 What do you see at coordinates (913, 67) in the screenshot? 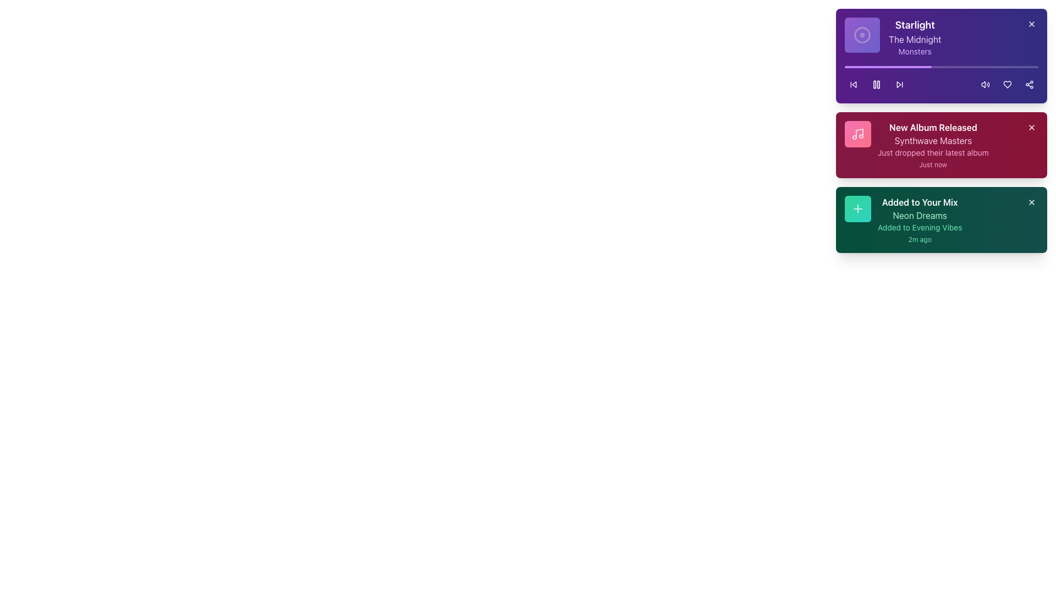
I see `the progress bar` at bounding box center [913, 67].